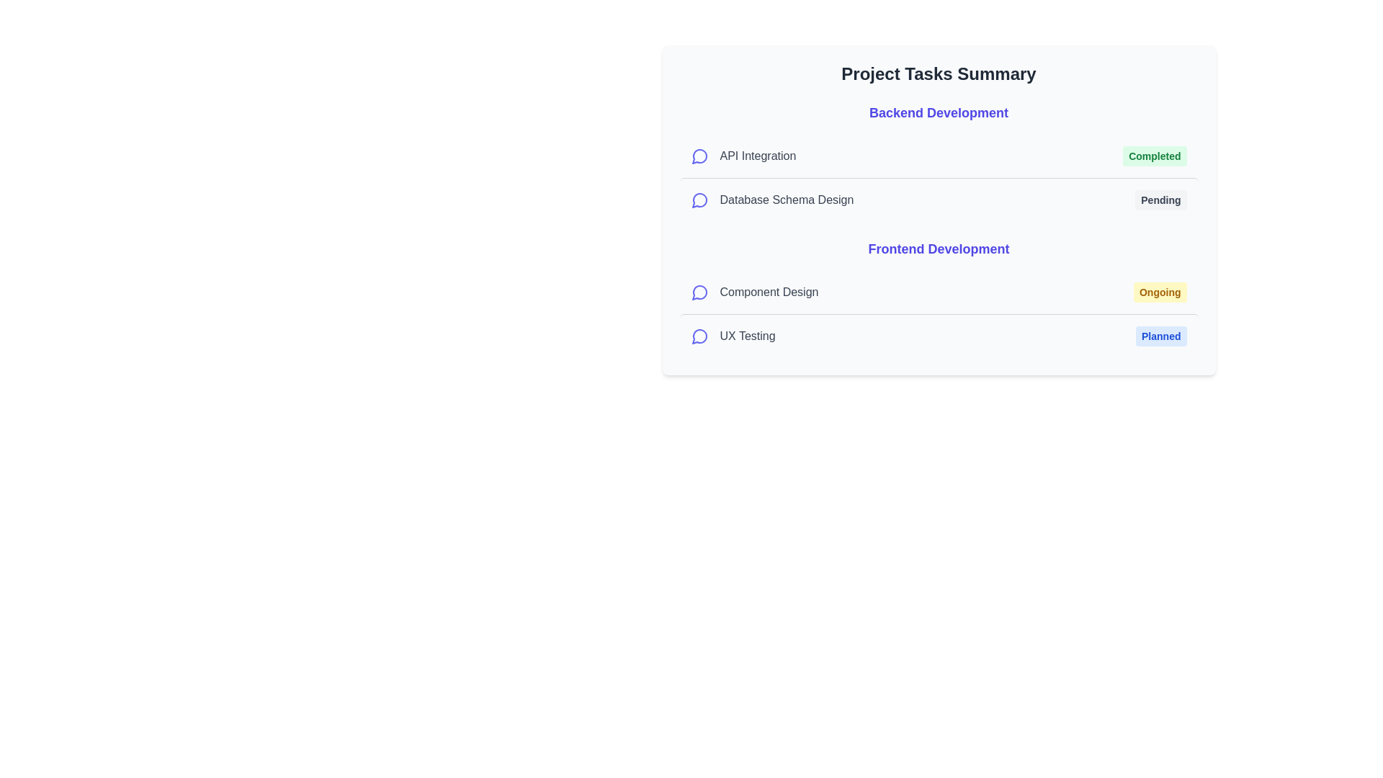 The width and height of the screenshot is (1383, 778). I want to click on the Status Indicator button with the text 'Pending', which is located in the list item labeled 'Database Schema Design' and has a light gray background, so click(1160, 200).